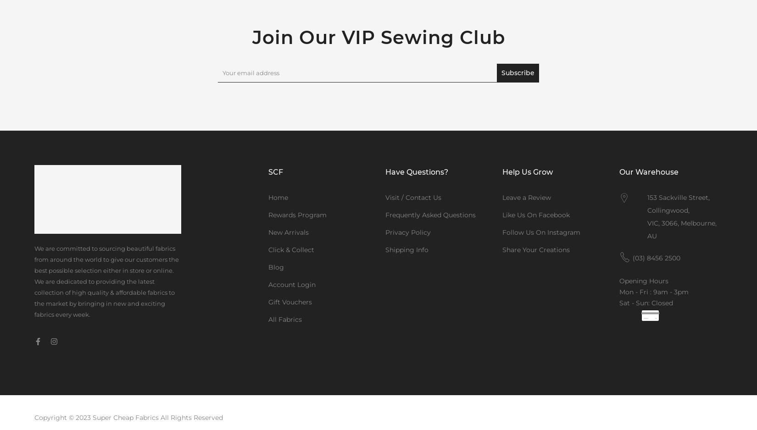 The image size is (757, 430). What do you see at coordinates (678, 203) in the screenshot?
I see `'153 Sackville Street, Collingwood,'` at bounding box center [678, 203].